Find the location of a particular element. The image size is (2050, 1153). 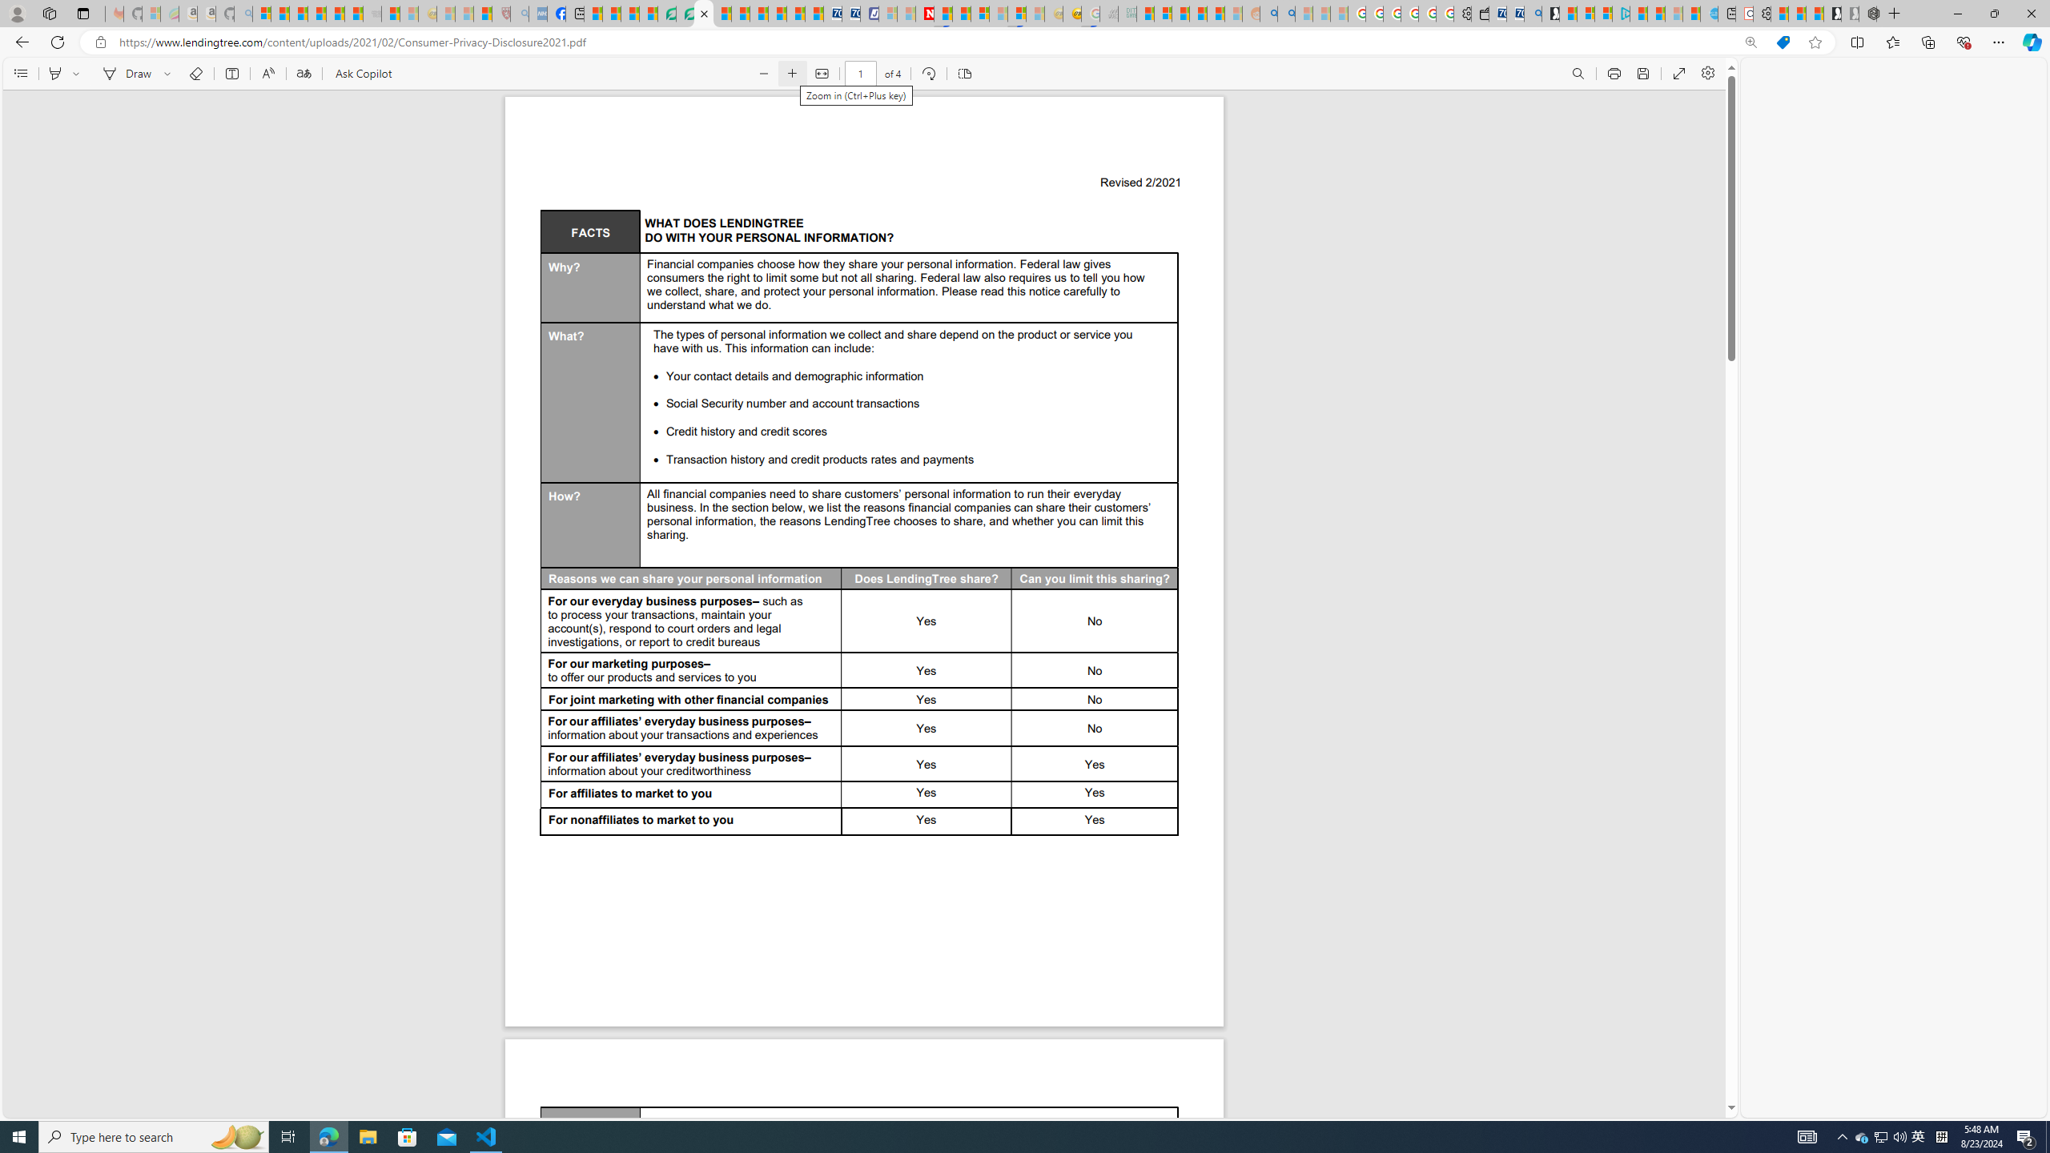

'Highlight' is located at coordinates (55, 73).